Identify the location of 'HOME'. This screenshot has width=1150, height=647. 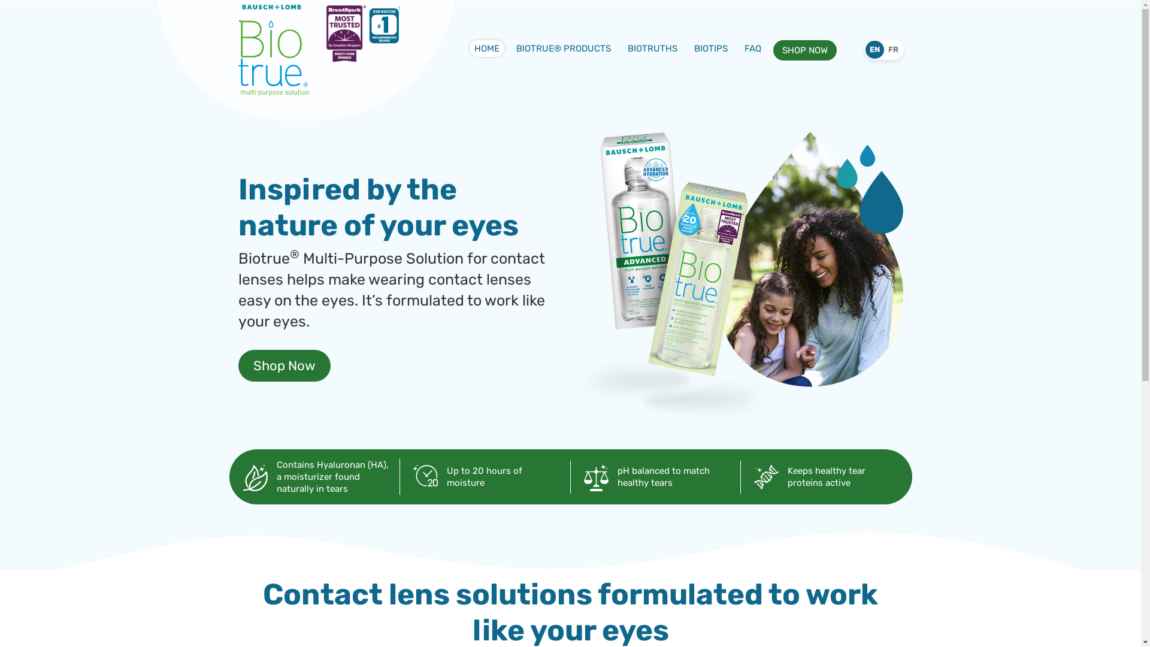
(468, 48).